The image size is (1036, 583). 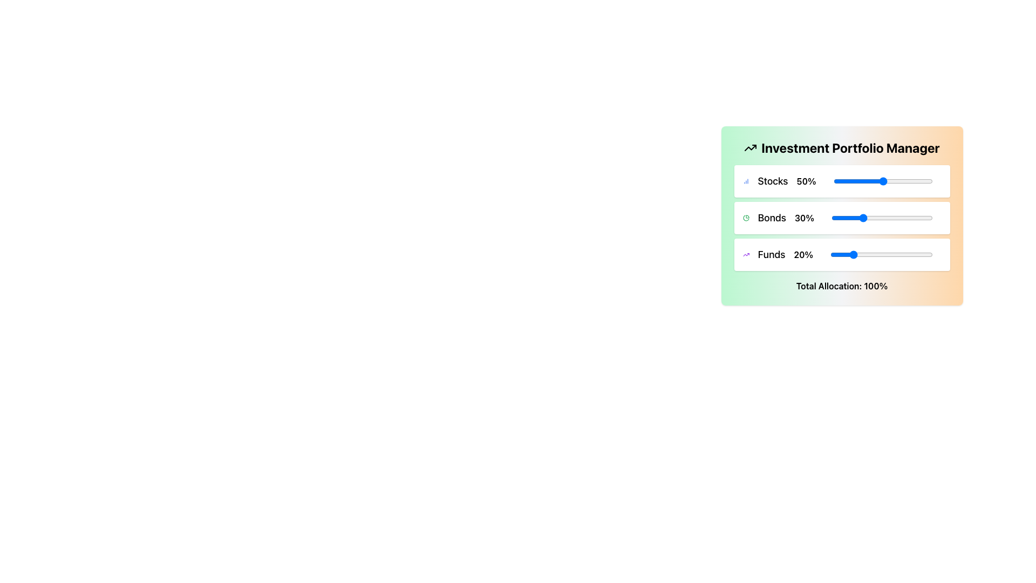 What do you see at coordinates (924, 254) in the screenshot?
I see `the 'Funds' allocation` at bounding box center [924, 254].